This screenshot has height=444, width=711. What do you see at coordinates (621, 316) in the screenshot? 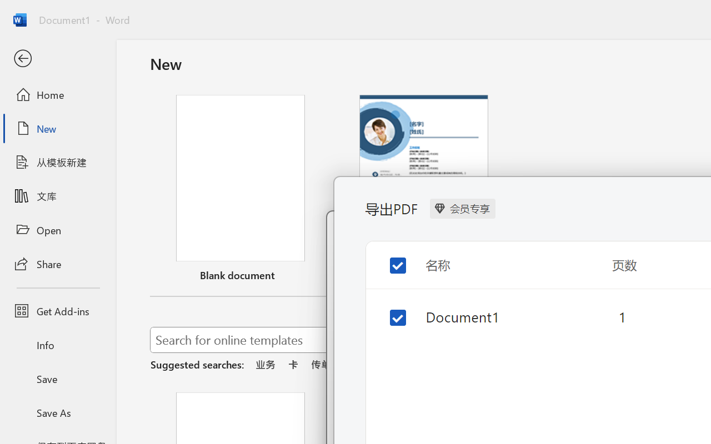
I see `'1'` at bounding box center [621, 316].